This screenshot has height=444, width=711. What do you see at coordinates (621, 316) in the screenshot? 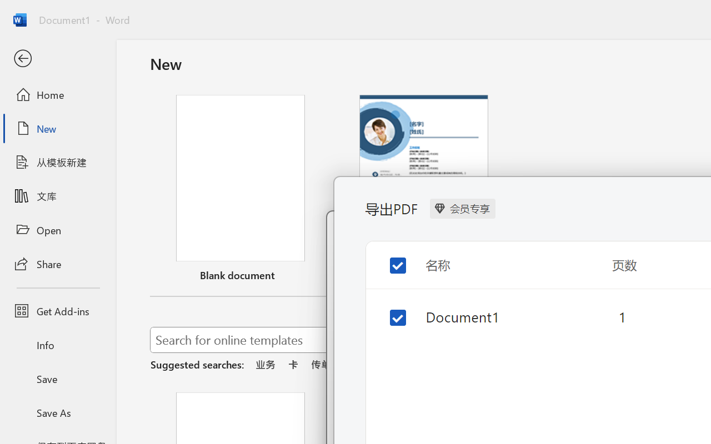
I see `'1'` at bounding box center [621, 316].